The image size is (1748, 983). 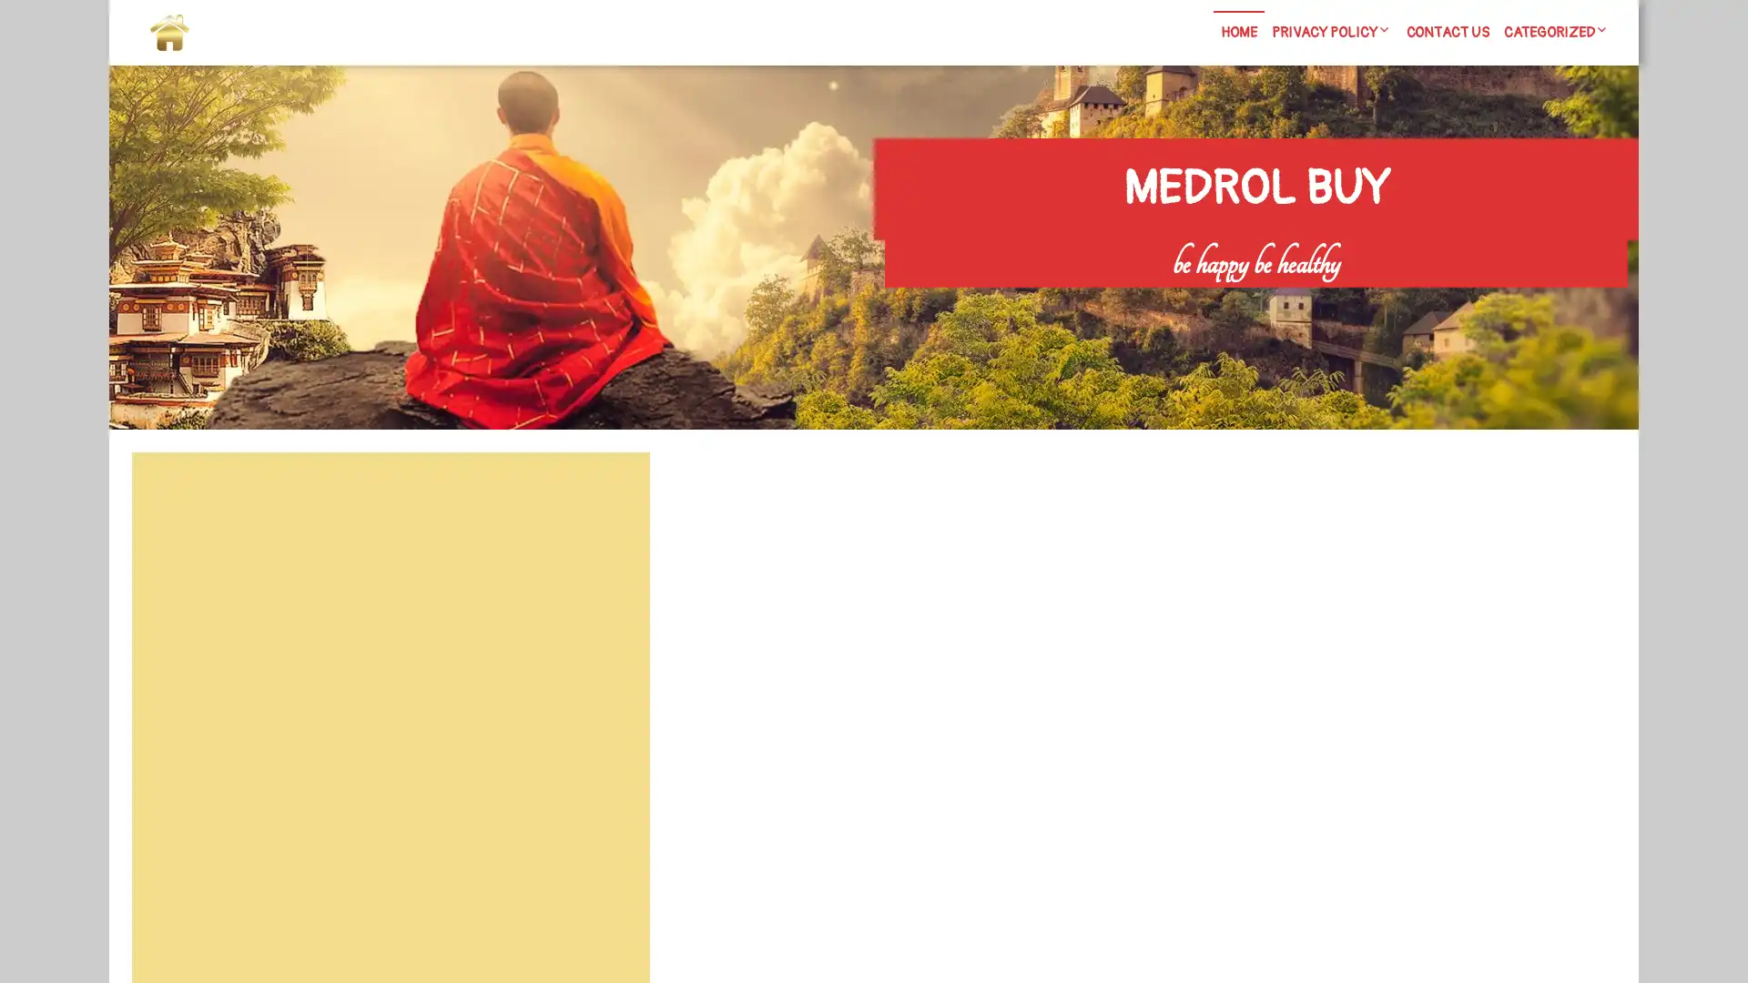 I want to click on Search, so click(x=1418, y=298).